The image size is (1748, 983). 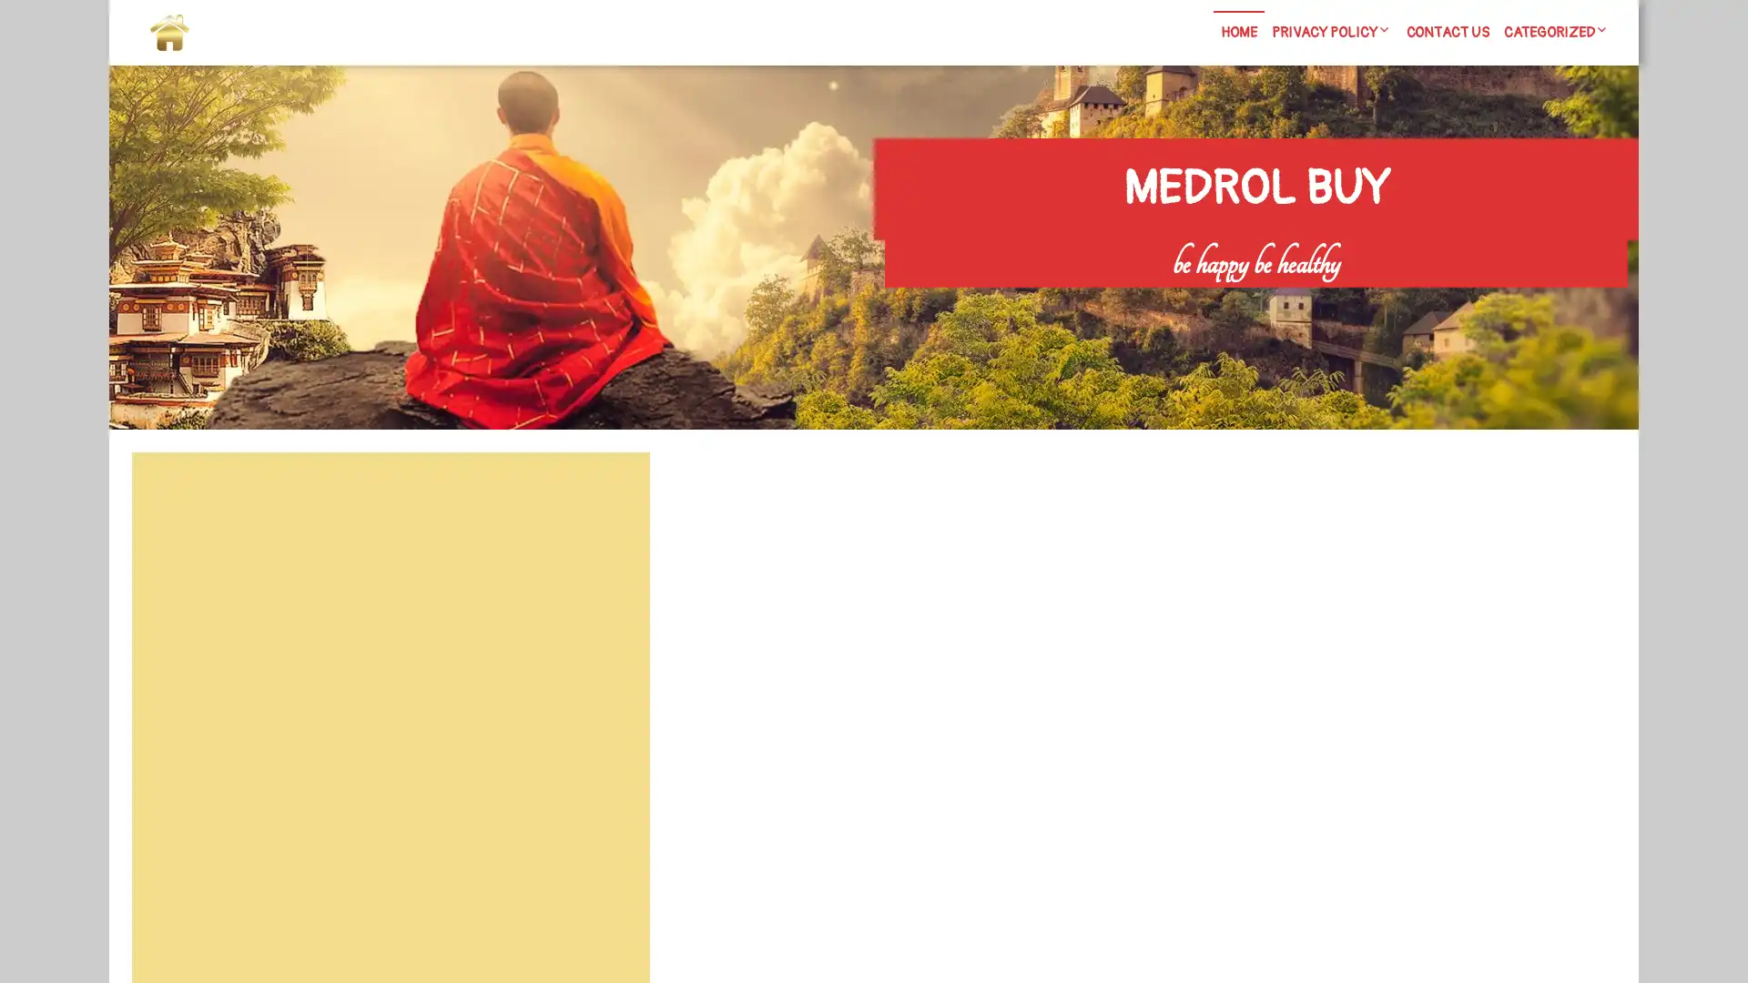 I want to click on Search, so click(x=1418, y=298).